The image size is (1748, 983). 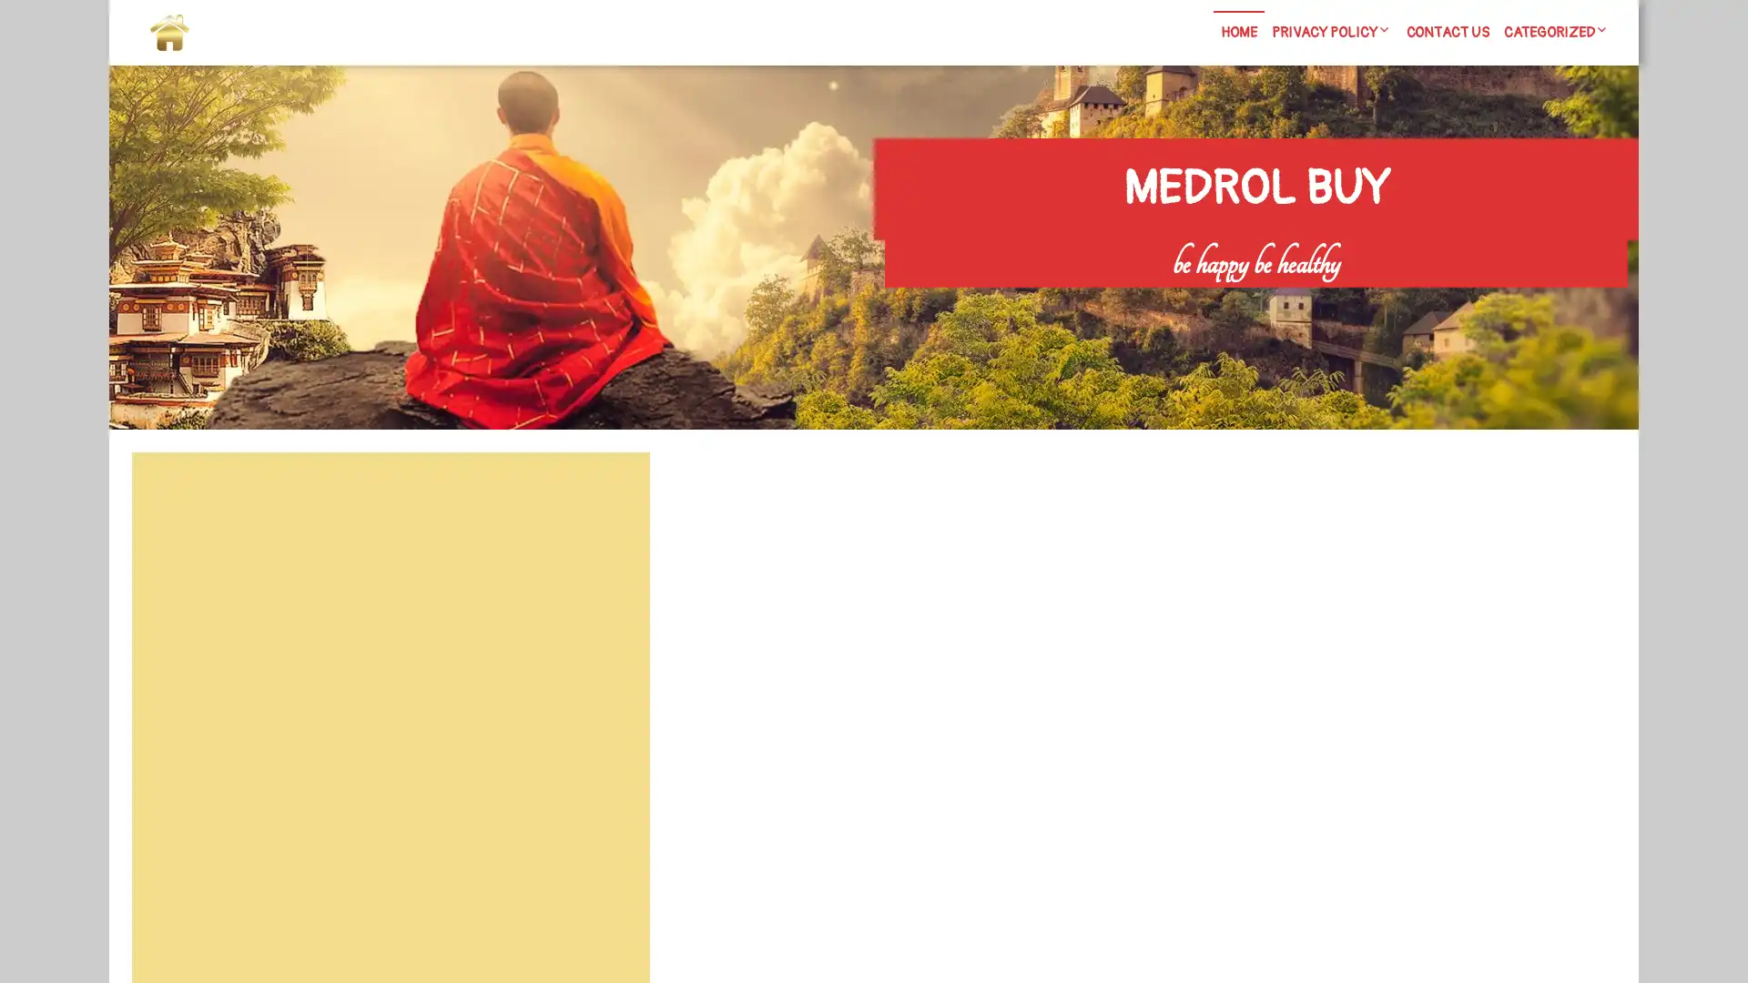 I want to click on Search, so click(x=1418, y=298).